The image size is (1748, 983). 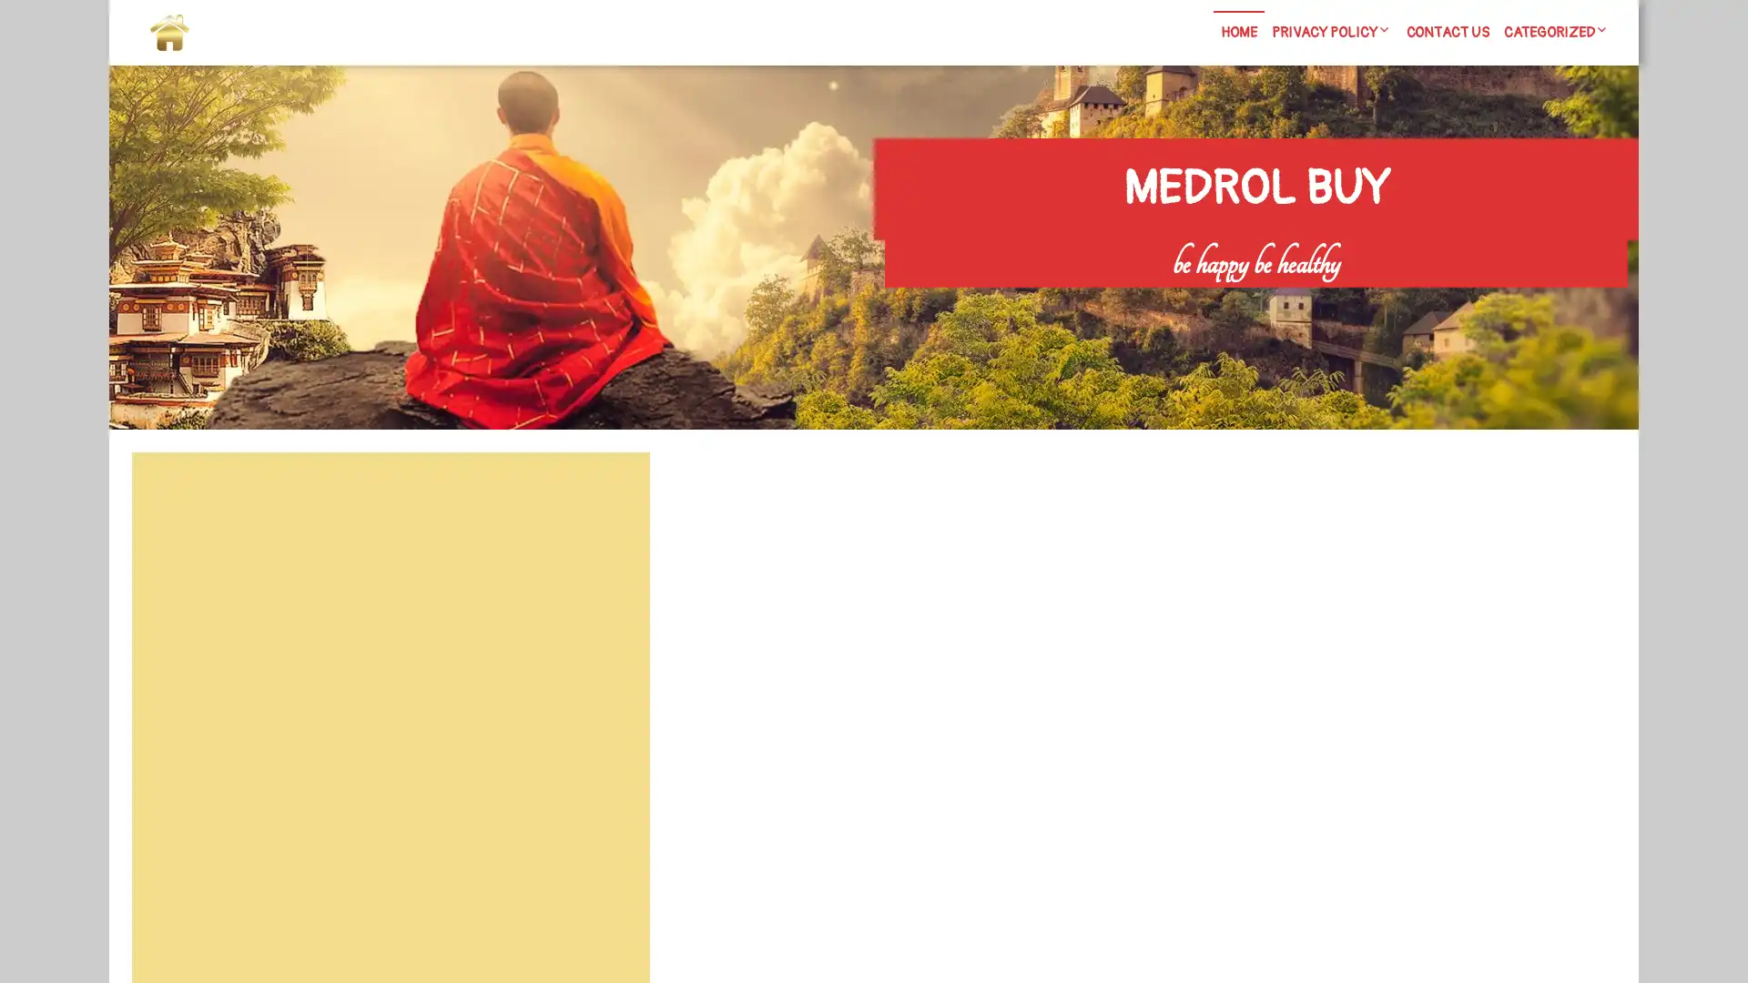 I want to click on Search, so click(x=1418, y=298).